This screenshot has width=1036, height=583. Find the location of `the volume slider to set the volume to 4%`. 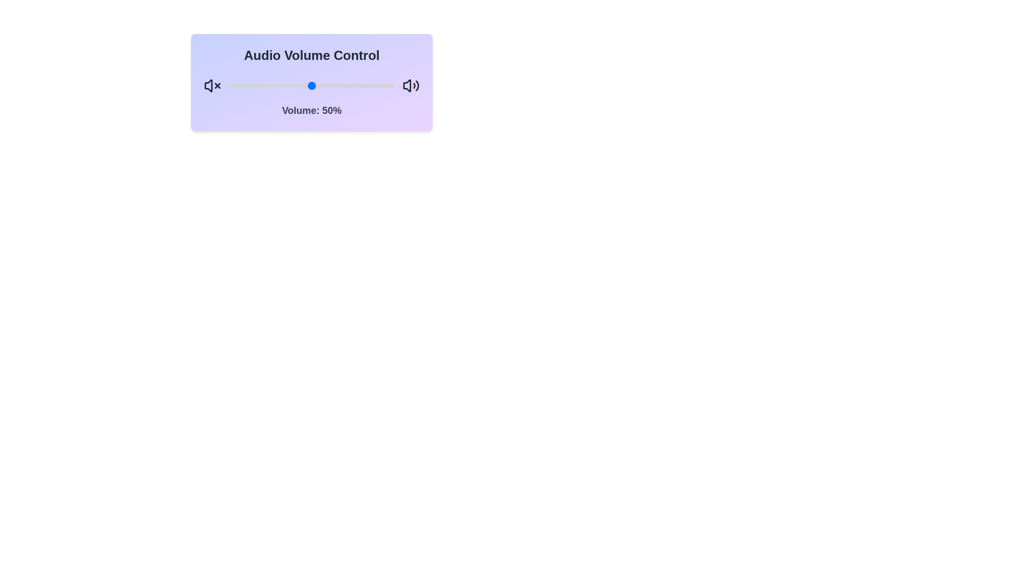

the volume slider to set the volume to 4% is located at coordinates (236, 85).